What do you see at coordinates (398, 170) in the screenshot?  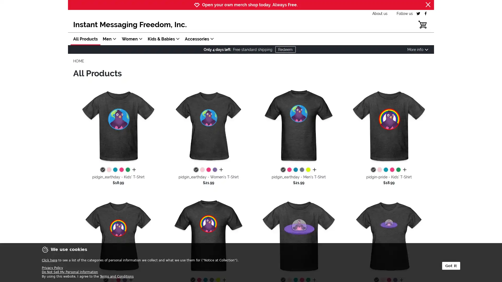 I see `kelly green` at bounding box center [398, 170].